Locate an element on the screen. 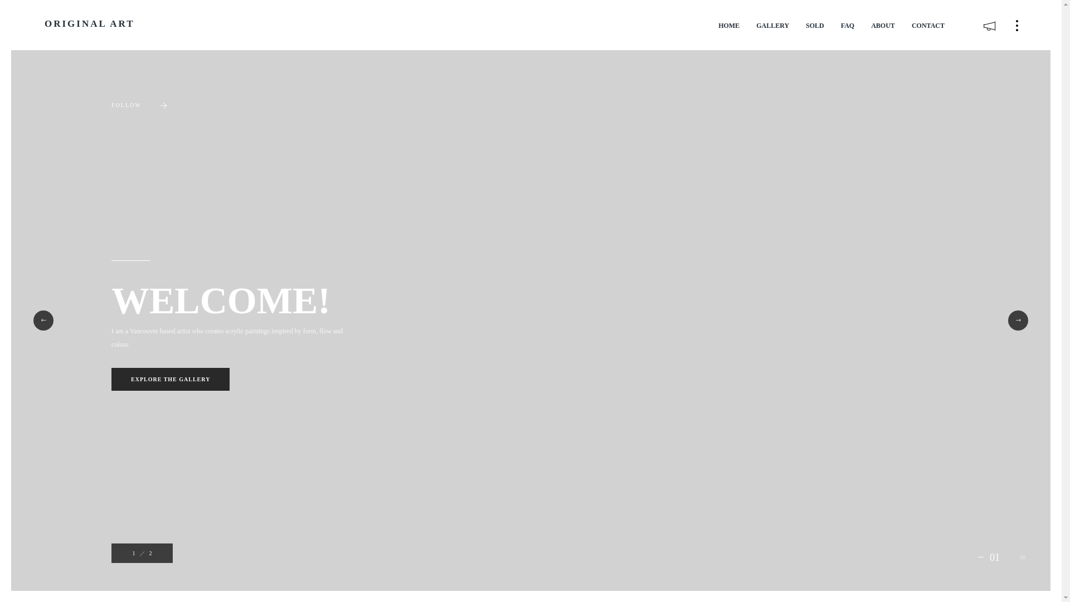  'ORIGINAL ART' is located at coordinates (90, 23).